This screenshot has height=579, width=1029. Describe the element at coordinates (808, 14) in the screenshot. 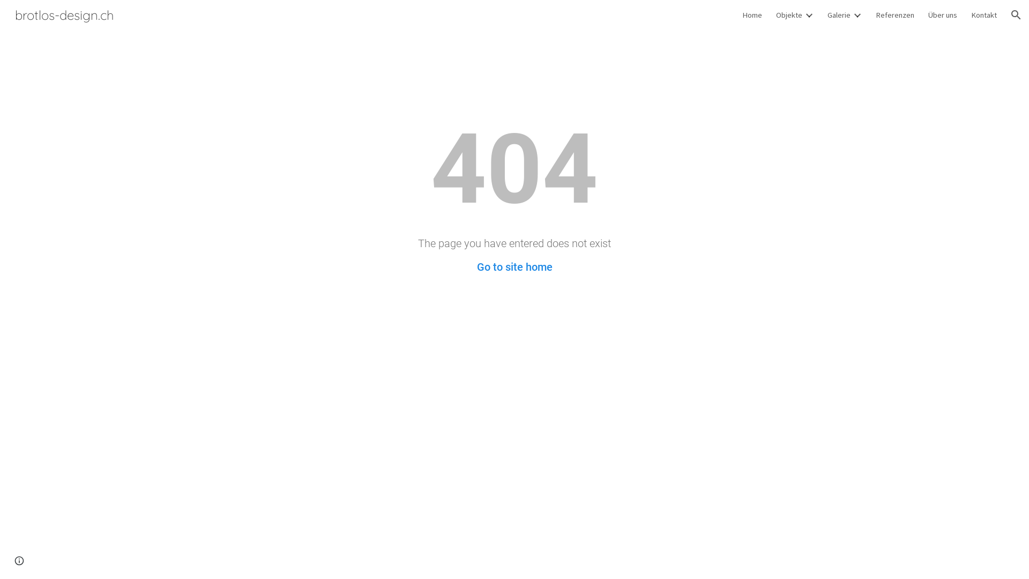

I see `'Expand/Collapse'` at that location.